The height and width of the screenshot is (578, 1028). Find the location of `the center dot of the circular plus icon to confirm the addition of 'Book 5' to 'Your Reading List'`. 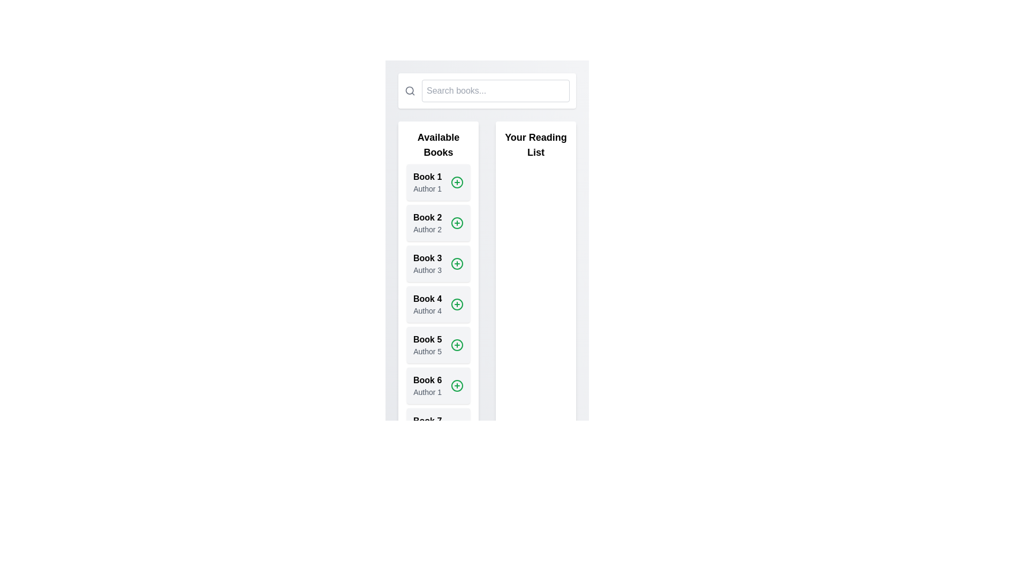

the center dot of the circular plus icon to confirm the addition of 'Book 5' to 'Your Reading List' is located at coordinates (457, 345).